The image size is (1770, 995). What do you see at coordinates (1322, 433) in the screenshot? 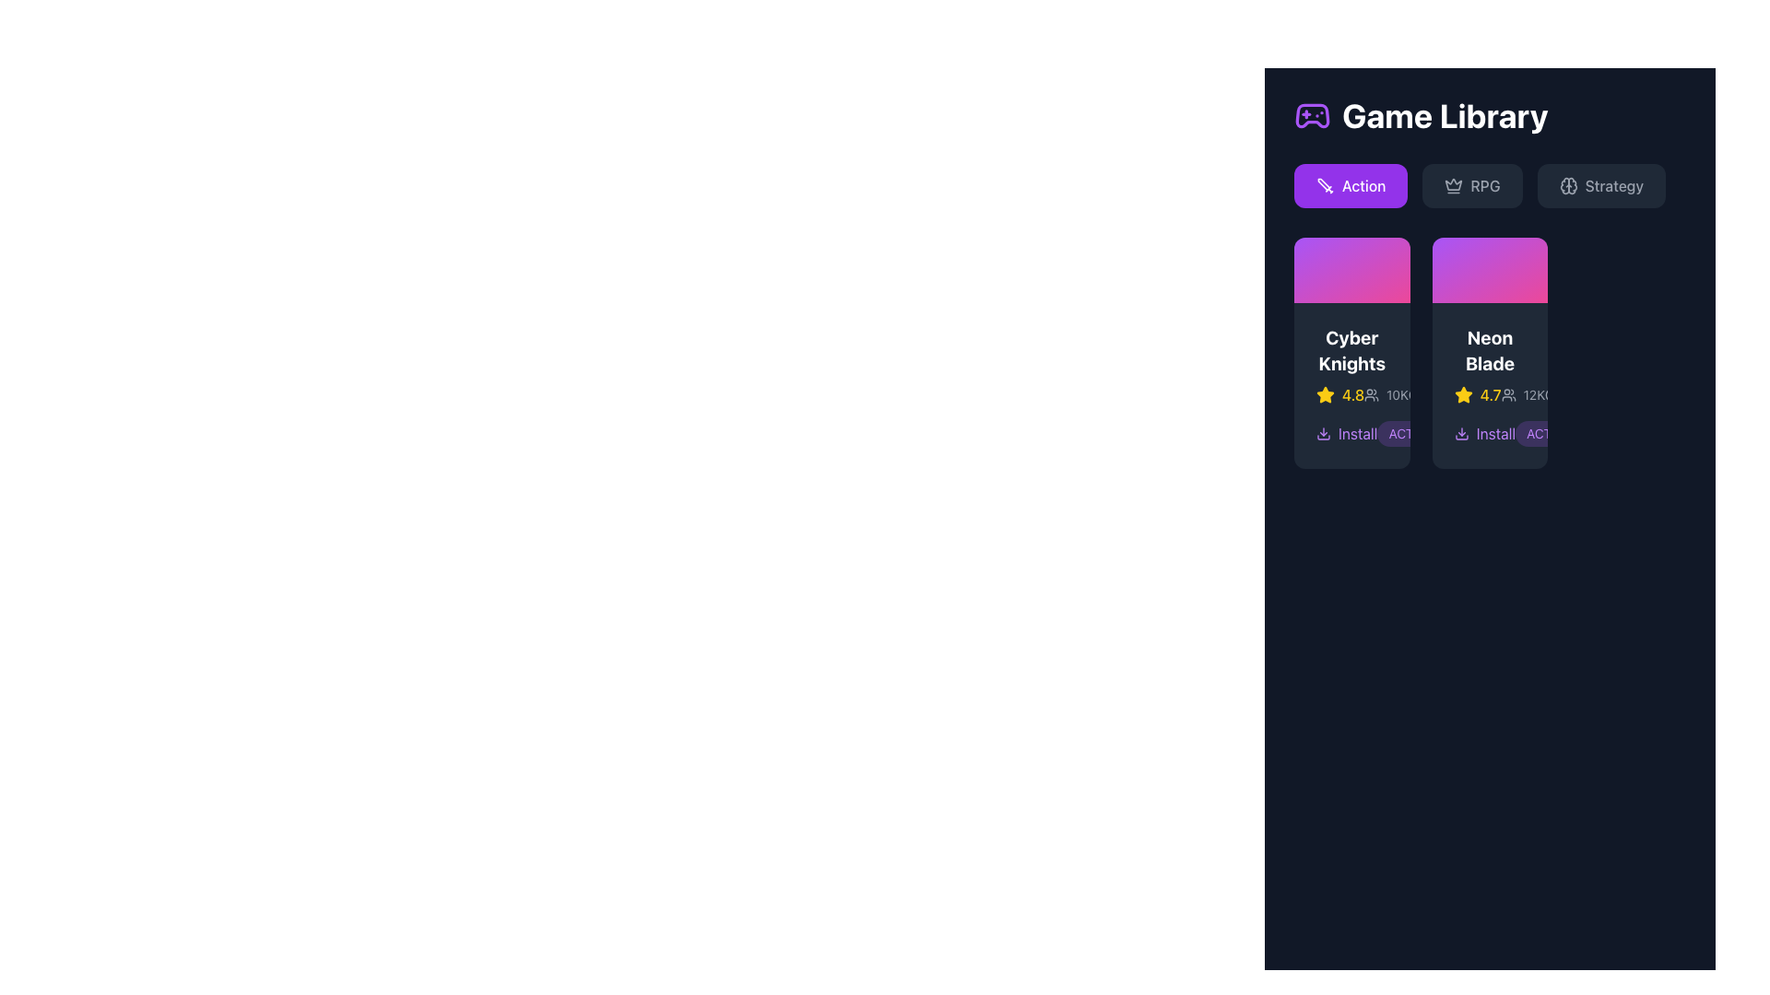
I see `the download icon located to the left of the 'Install' text in the lower-left part of the 'Neon Blade' card` at bounding box center [1322, 433].